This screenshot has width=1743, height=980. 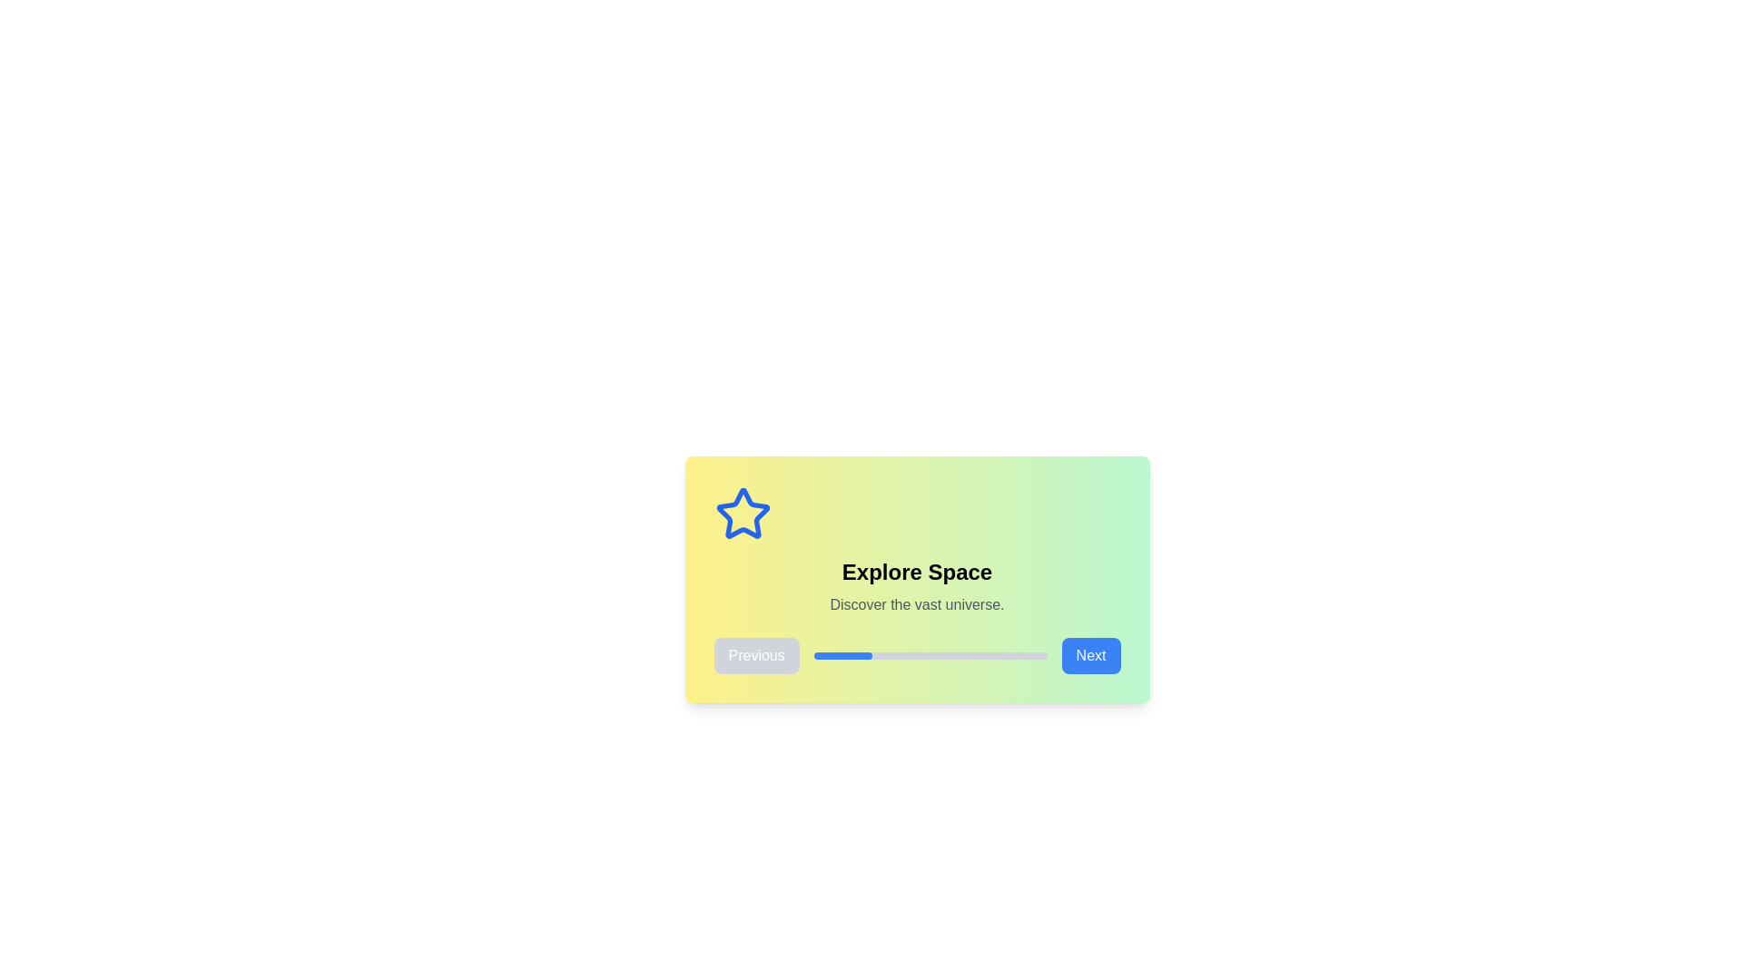 What do you see at coordinates (1089, 655) in the screenshot?
I see `the 'Next' button to proceed to the next step` at bounding box center [1089, 655].